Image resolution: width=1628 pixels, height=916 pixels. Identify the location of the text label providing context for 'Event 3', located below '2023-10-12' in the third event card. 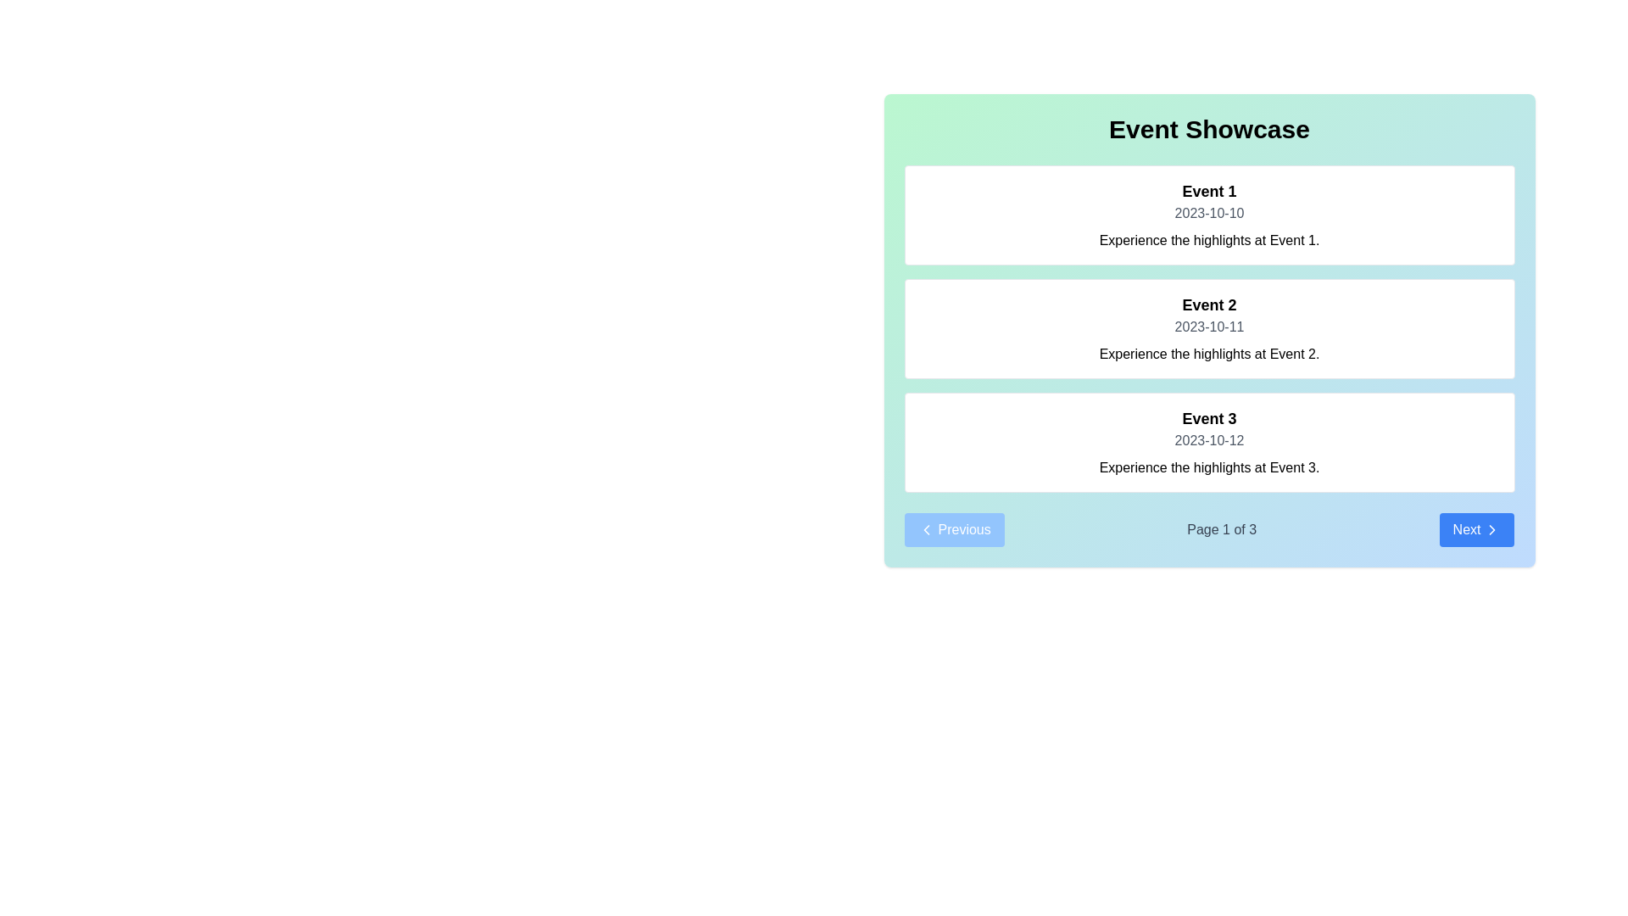
(1208, 467).